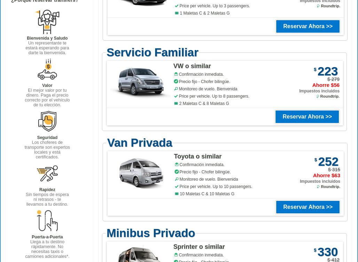 The image size is (358, 262). Describe the element at coordinates (38, 189) in the screenshot. I see `'Rapidez'` at that location.